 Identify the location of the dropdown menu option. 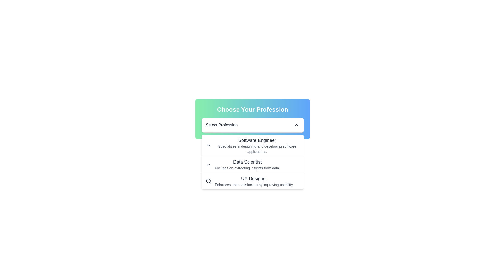
(253, 162).